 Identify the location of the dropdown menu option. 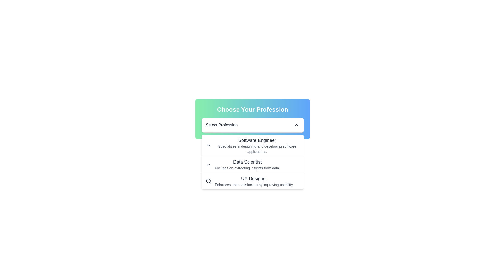
(253, 162).